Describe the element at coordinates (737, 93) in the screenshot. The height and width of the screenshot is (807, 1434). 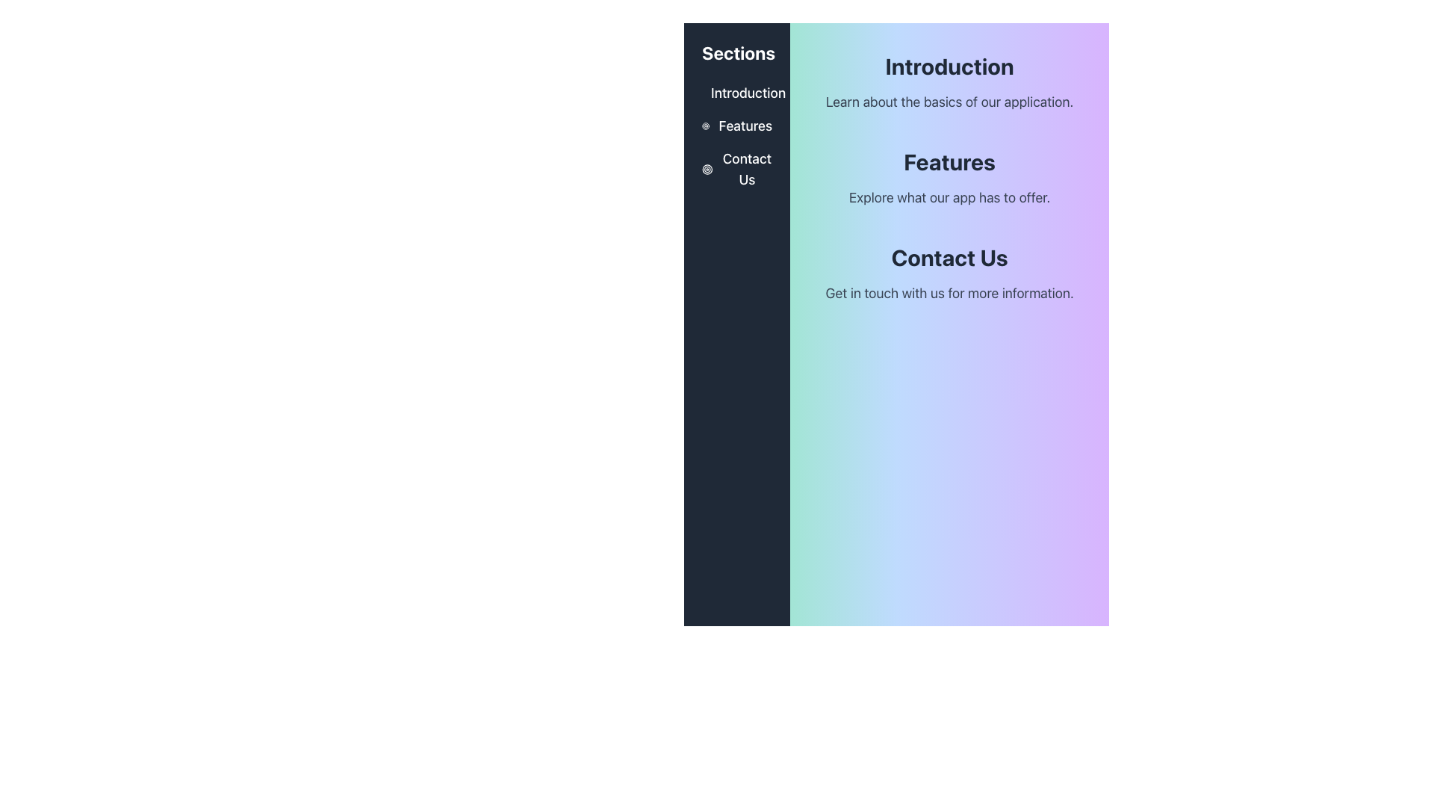
I see `the first text link in the vertical menu list` at that location.